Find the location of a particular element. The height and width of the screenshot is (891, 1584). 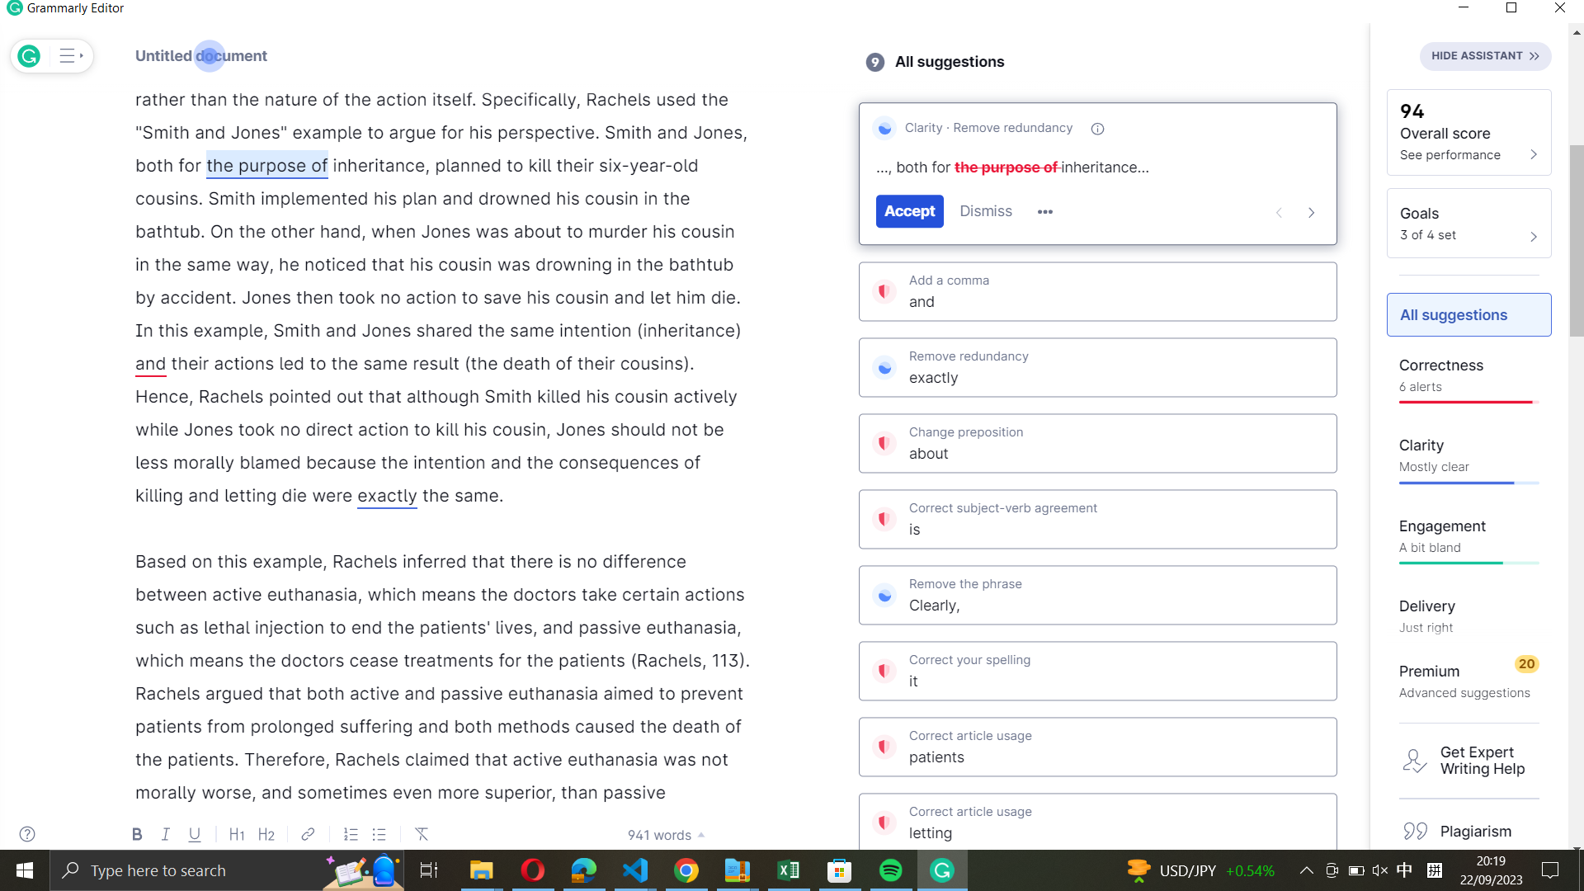

Call out the menu is located at coordinates (68, 55).